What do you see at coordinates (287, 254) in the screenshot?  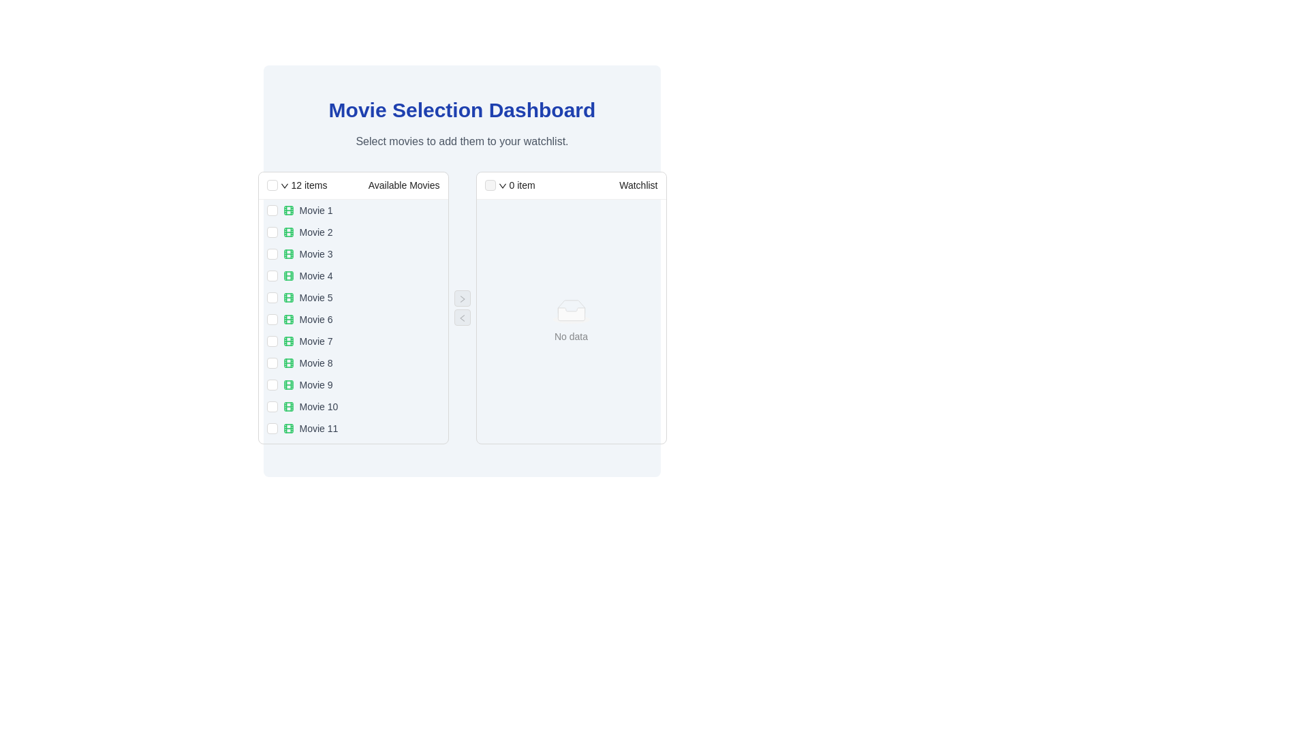 I see `the decorative icon element representing 'Movie 3' in the 'Available Movies' section` at bounding box center [287, 254].